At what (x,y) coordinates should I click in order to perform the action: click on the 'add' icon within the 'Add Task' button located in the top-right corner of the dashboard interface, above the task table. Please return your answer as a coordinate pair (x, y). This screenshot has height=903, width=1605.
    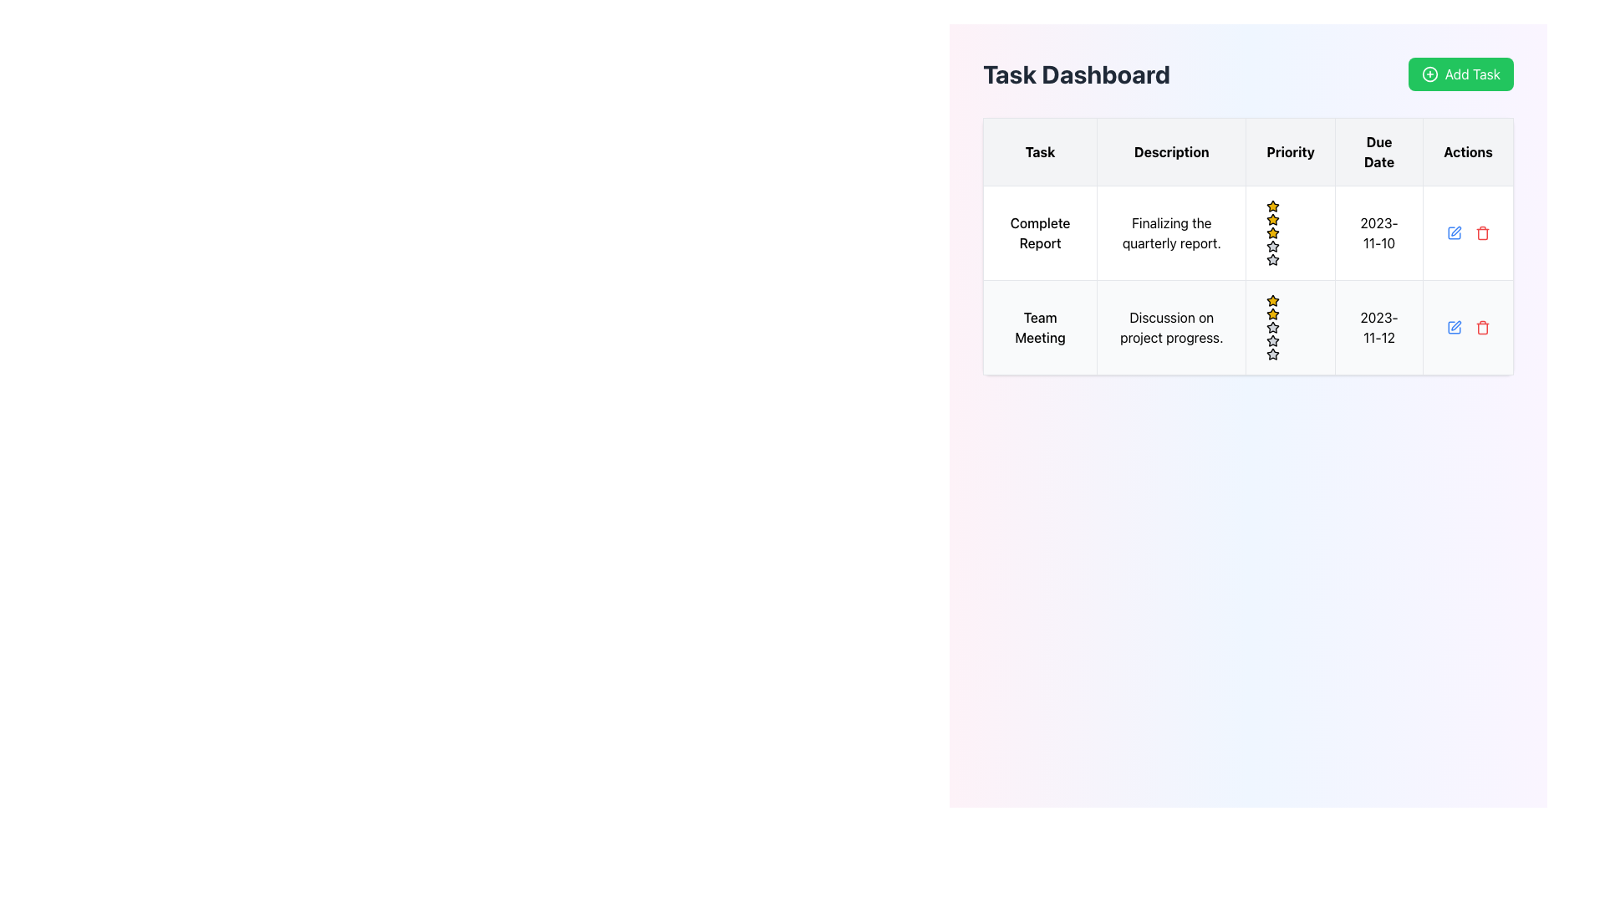
    Looking at the image, I should click on (1429, 73).